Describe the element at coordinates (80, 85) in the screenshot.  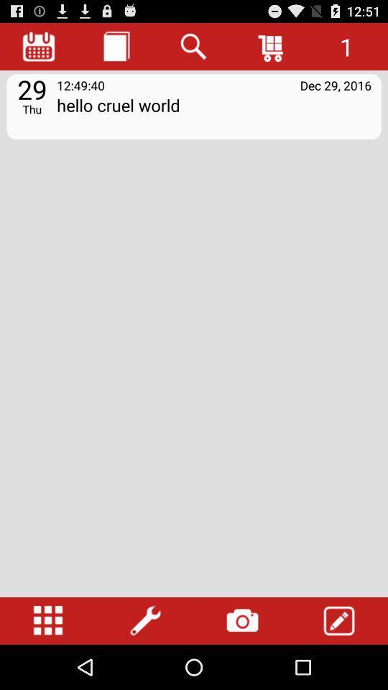
I see `icon next to dec 29, 2016 app` at that location.